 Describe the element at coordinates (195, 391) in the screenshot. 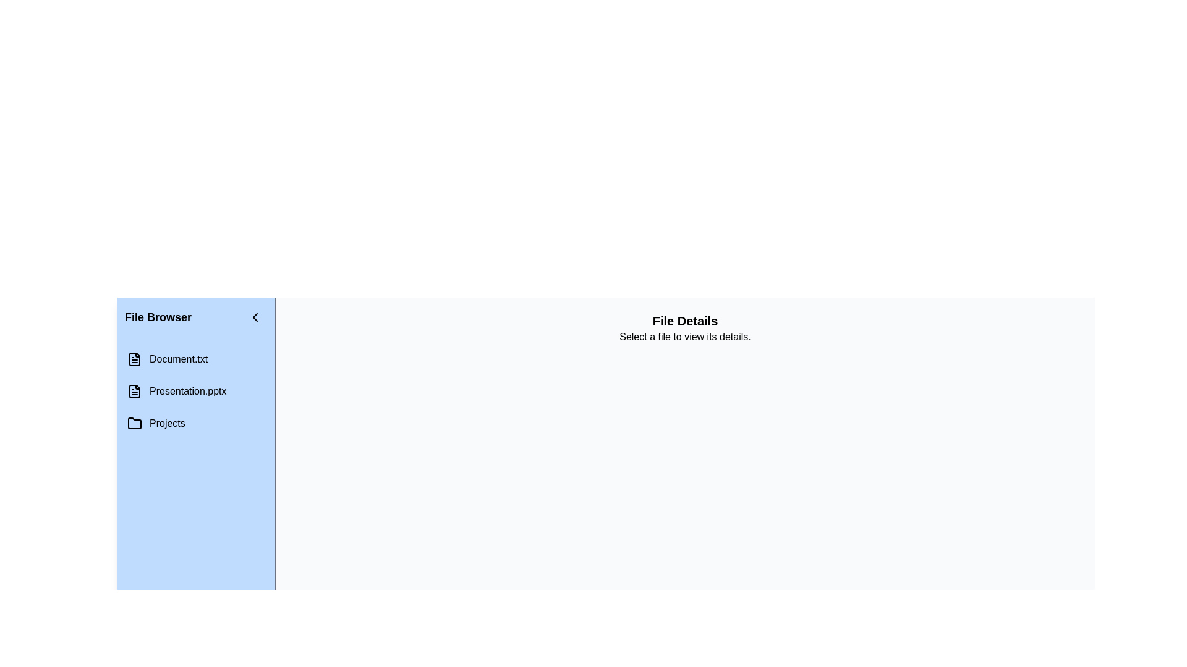

I see `the focused list item 'Presentation.pptx' in the 'File Browser' sidebar, which is the second item in the vertical list` at that location.